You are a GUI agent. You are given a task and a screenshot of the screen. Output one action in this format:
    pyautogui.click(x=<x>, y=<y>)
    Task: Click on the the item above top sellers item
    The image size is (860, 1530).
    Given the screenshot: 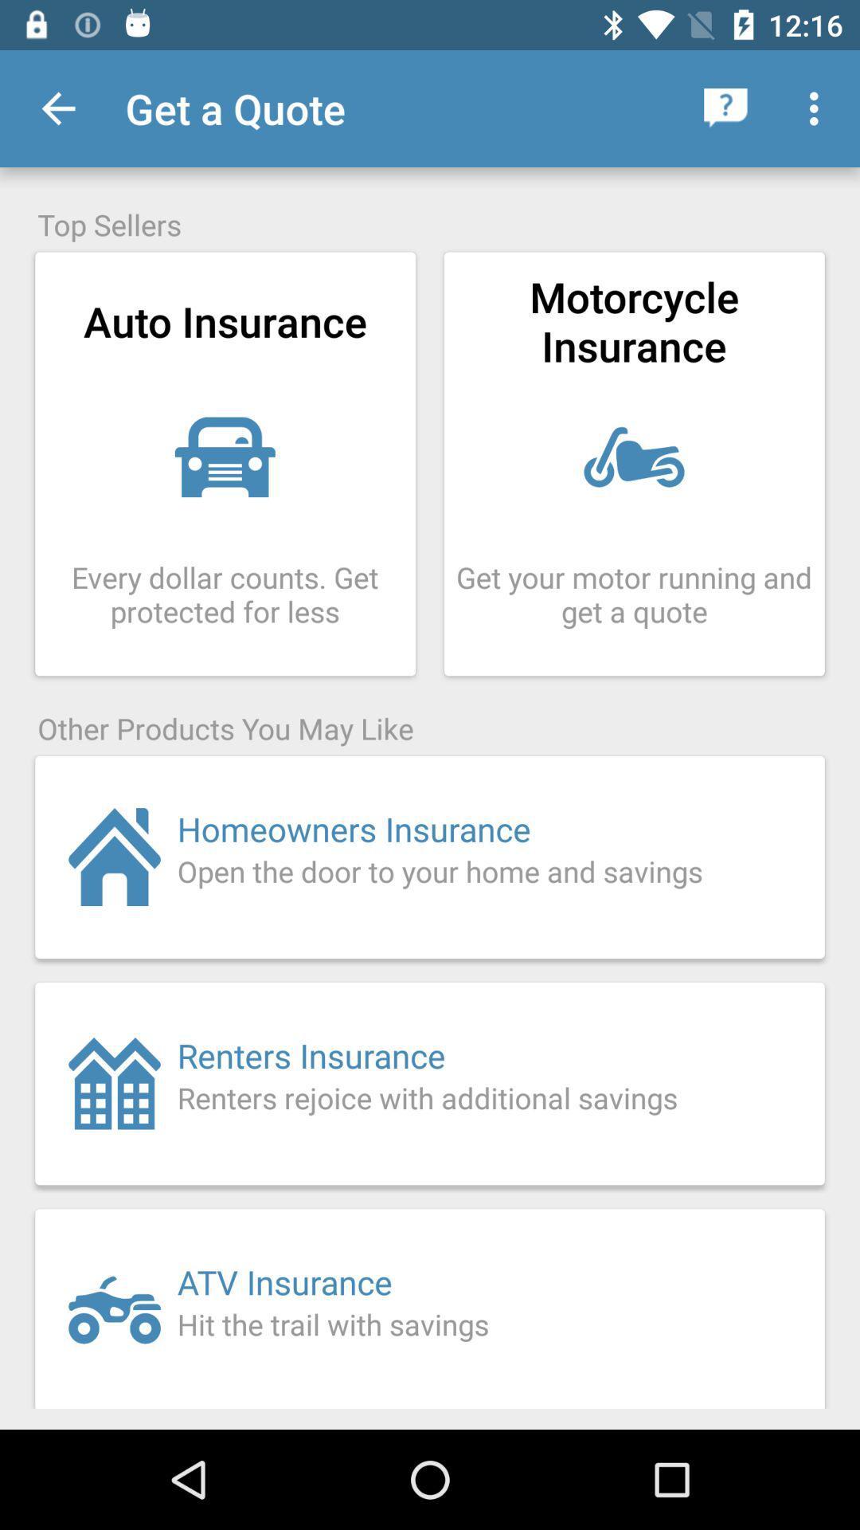 What is the action you would take?
    pyautogui.click(x=725, y=108)
    